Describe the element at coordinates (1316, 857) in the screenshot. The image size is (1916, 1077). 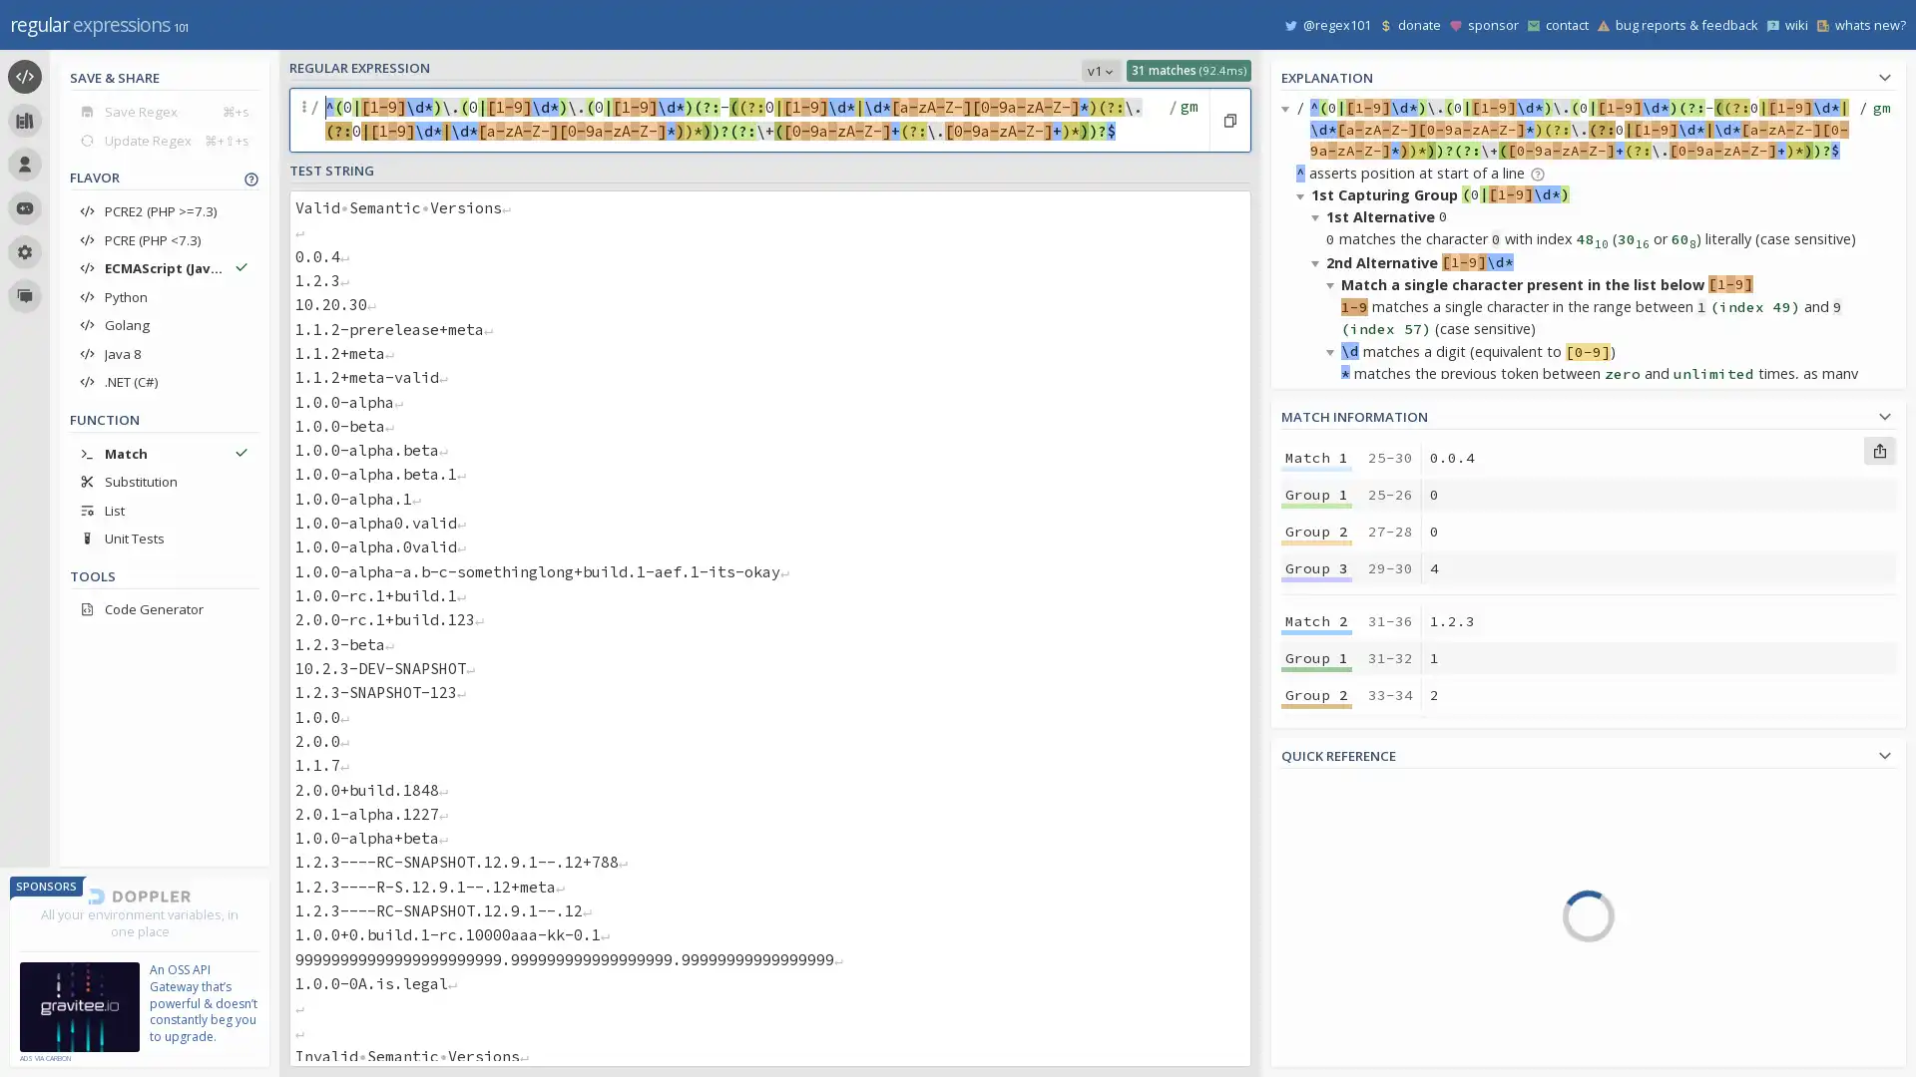
I see `Group 2` at that location.